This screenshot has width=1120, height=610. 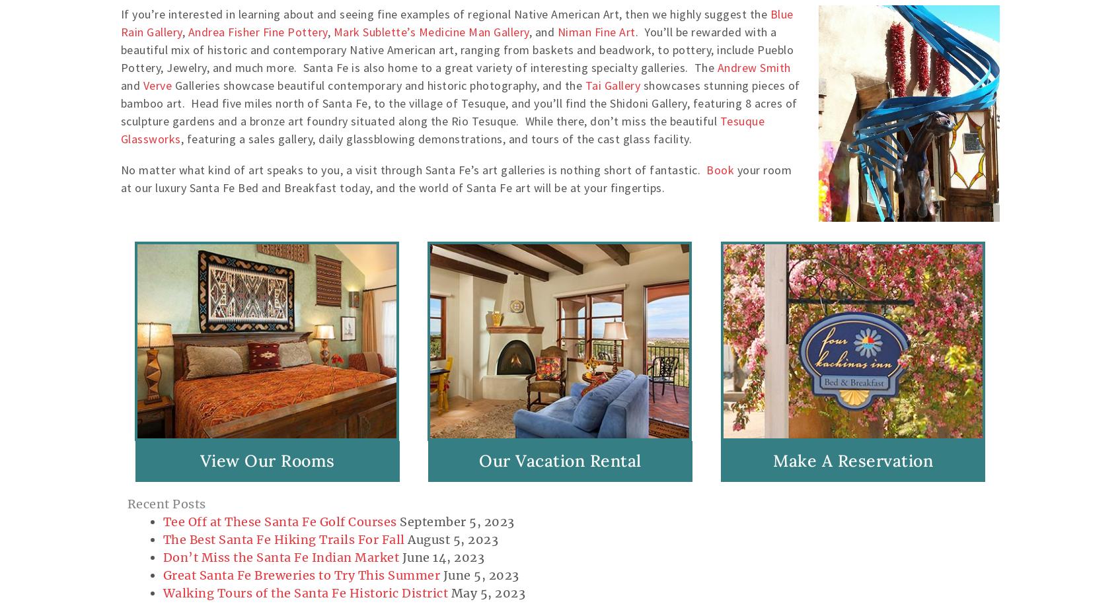 I want to click on 'Tee Off at These Santa Fe Golf Courses', so click(x=280, y=521).